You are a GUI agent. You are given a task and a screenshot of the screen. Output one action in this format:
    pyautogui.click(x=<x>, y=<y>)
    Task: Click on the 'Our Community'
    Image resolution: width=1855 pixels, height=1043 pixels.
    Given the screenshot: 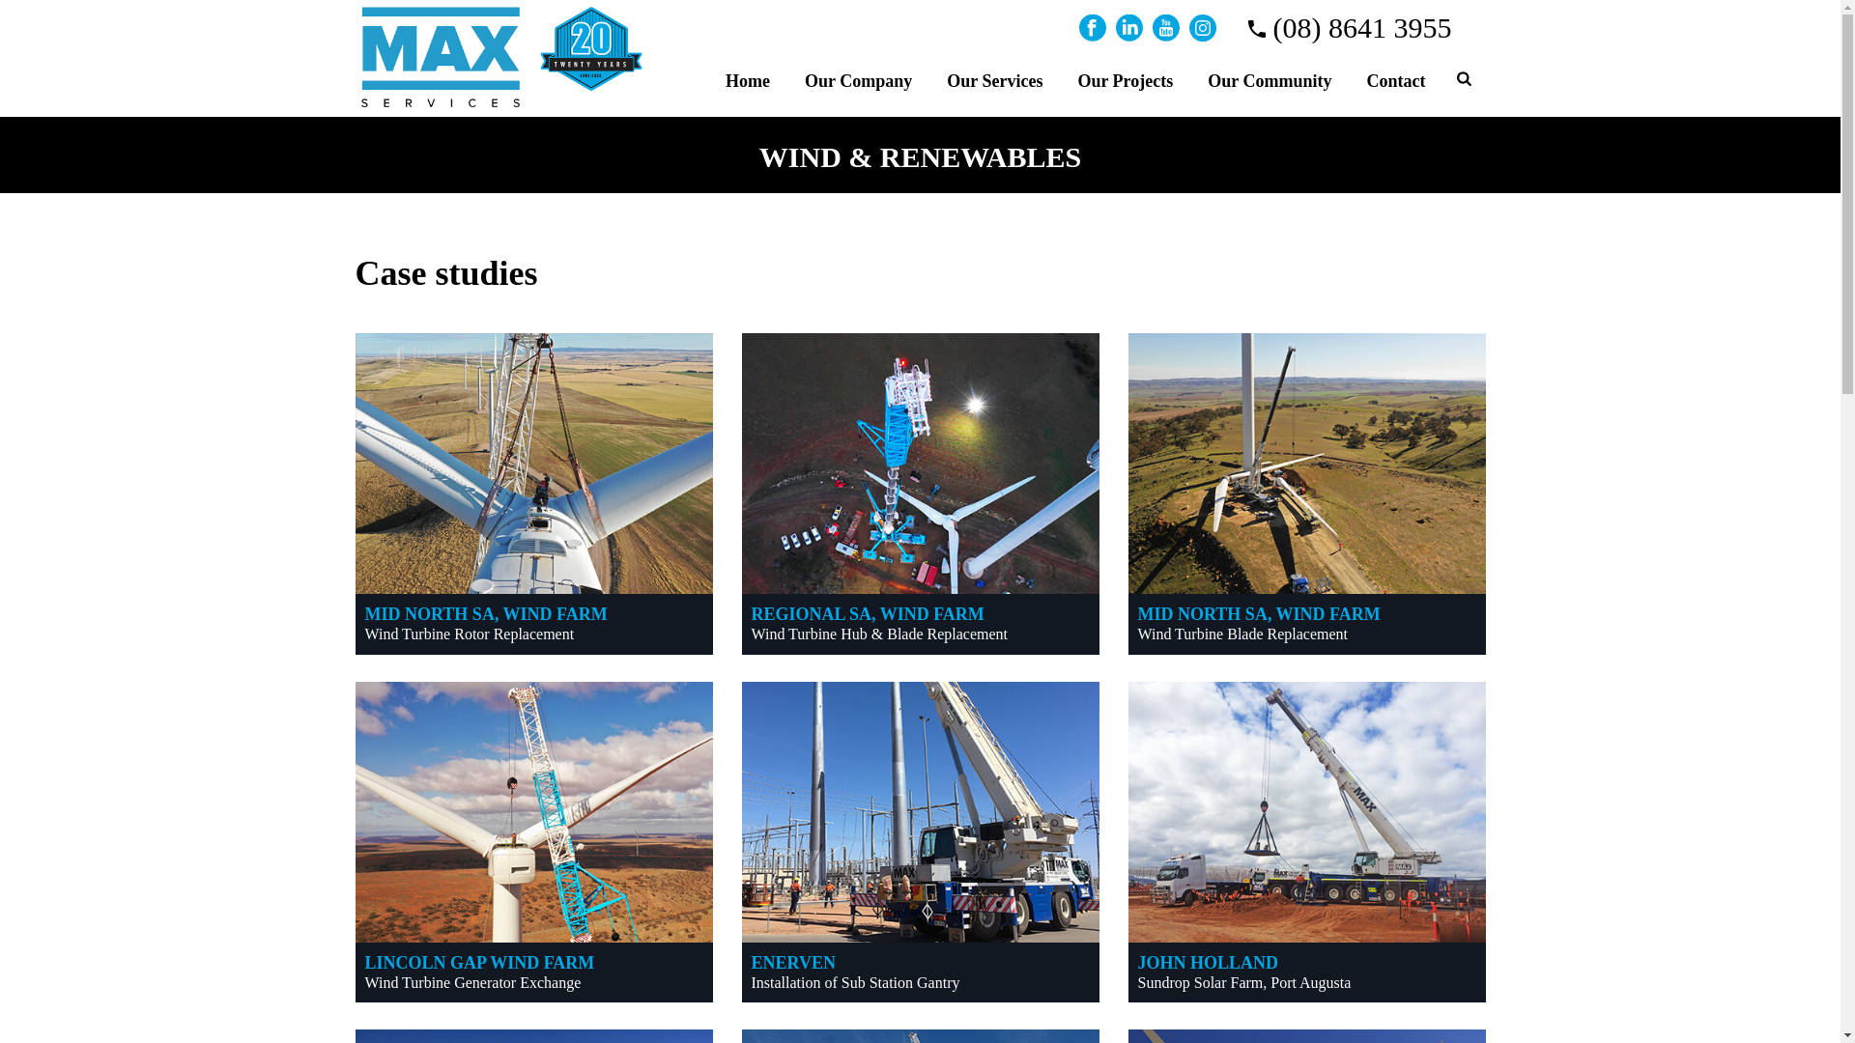 What is the action you would take?
    pyautogui.click(x=1270, y=77)
    